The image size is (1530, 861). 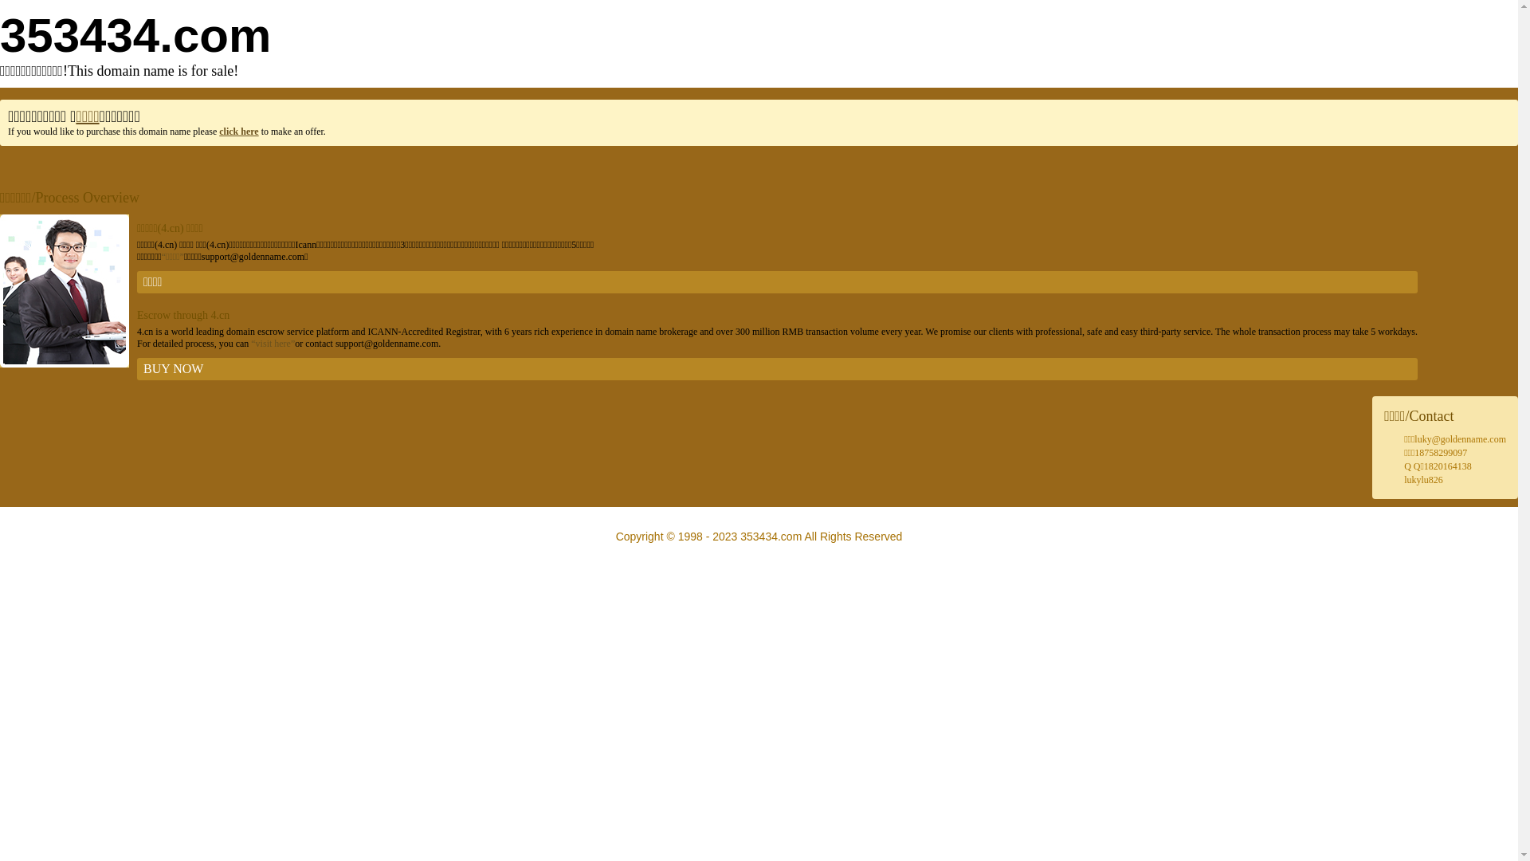 I want to click on 'click here', so click(x=237, y=131).